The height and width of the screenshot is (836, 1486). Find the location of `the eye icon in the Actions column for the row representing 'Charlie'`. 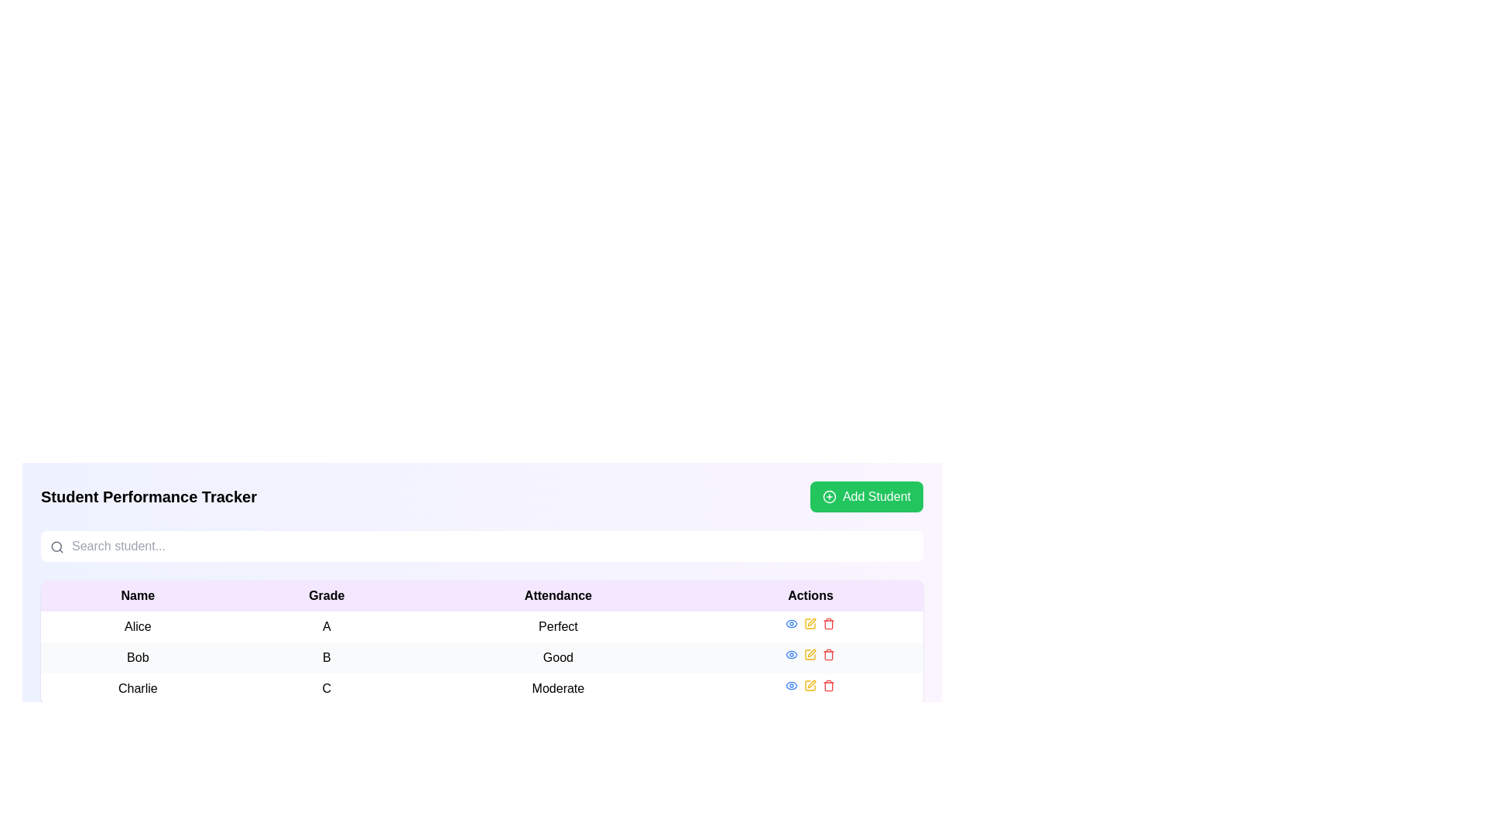

the eye icon in the Actions column for the row representing 'Charlie' is located at coordinates (810, 685).